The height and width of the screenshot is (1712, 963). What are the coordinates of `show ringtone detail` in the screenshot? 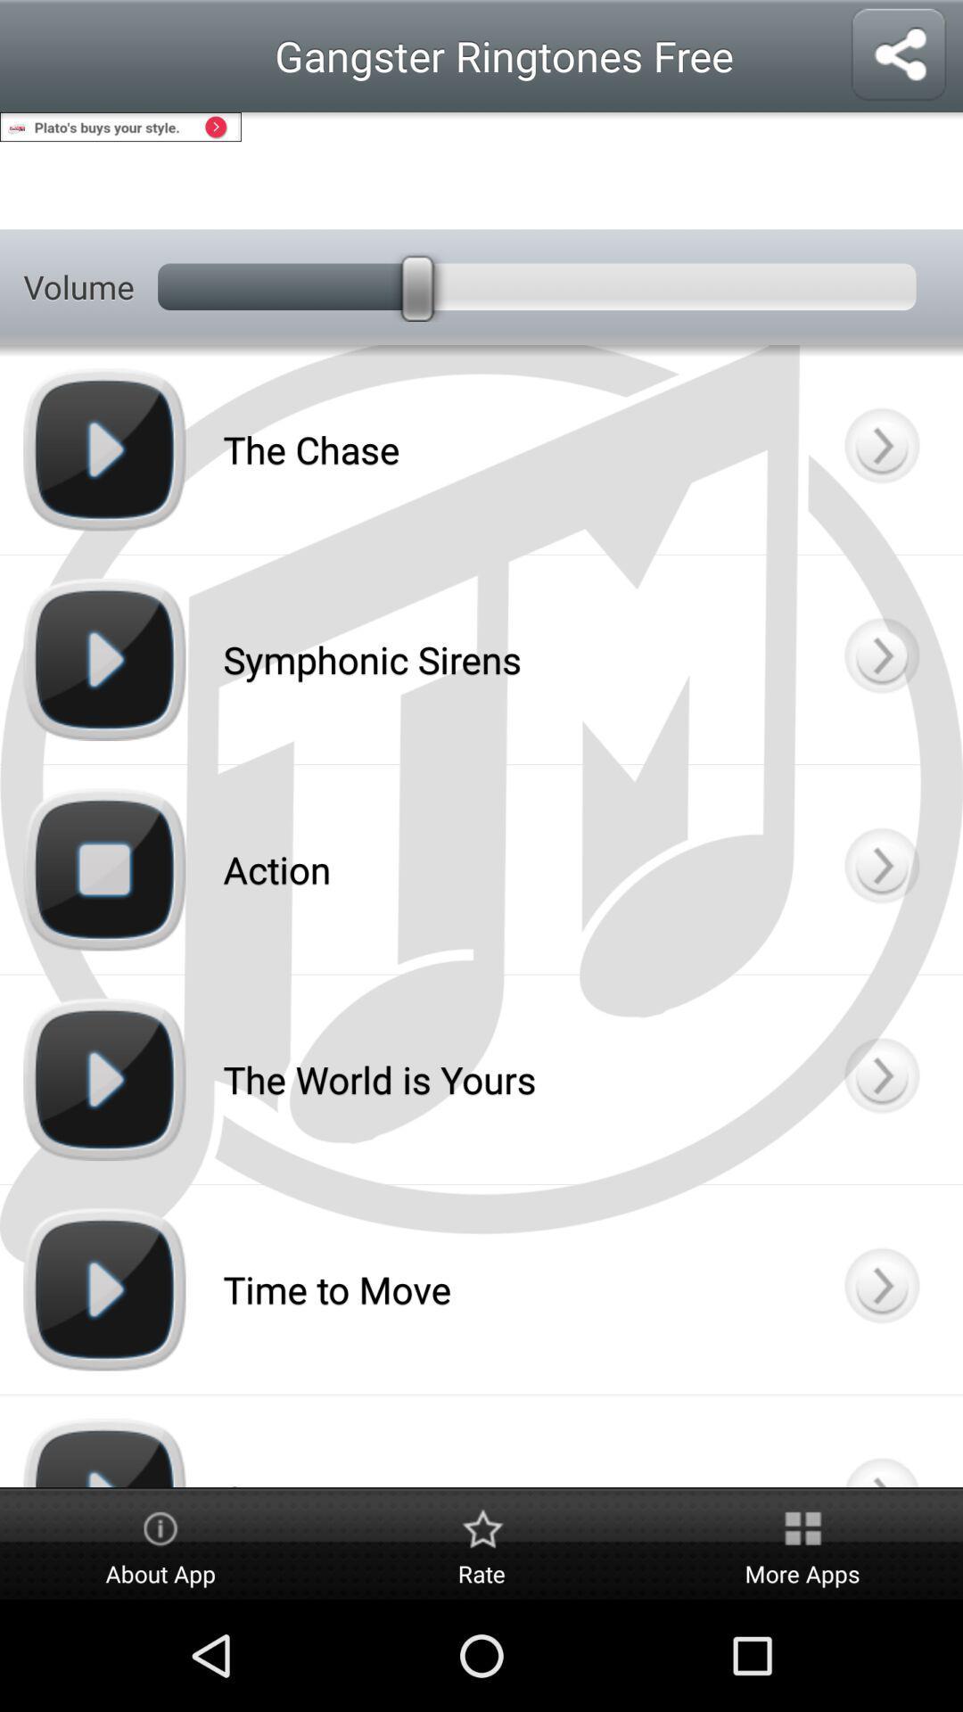 It's located at (880, 449).